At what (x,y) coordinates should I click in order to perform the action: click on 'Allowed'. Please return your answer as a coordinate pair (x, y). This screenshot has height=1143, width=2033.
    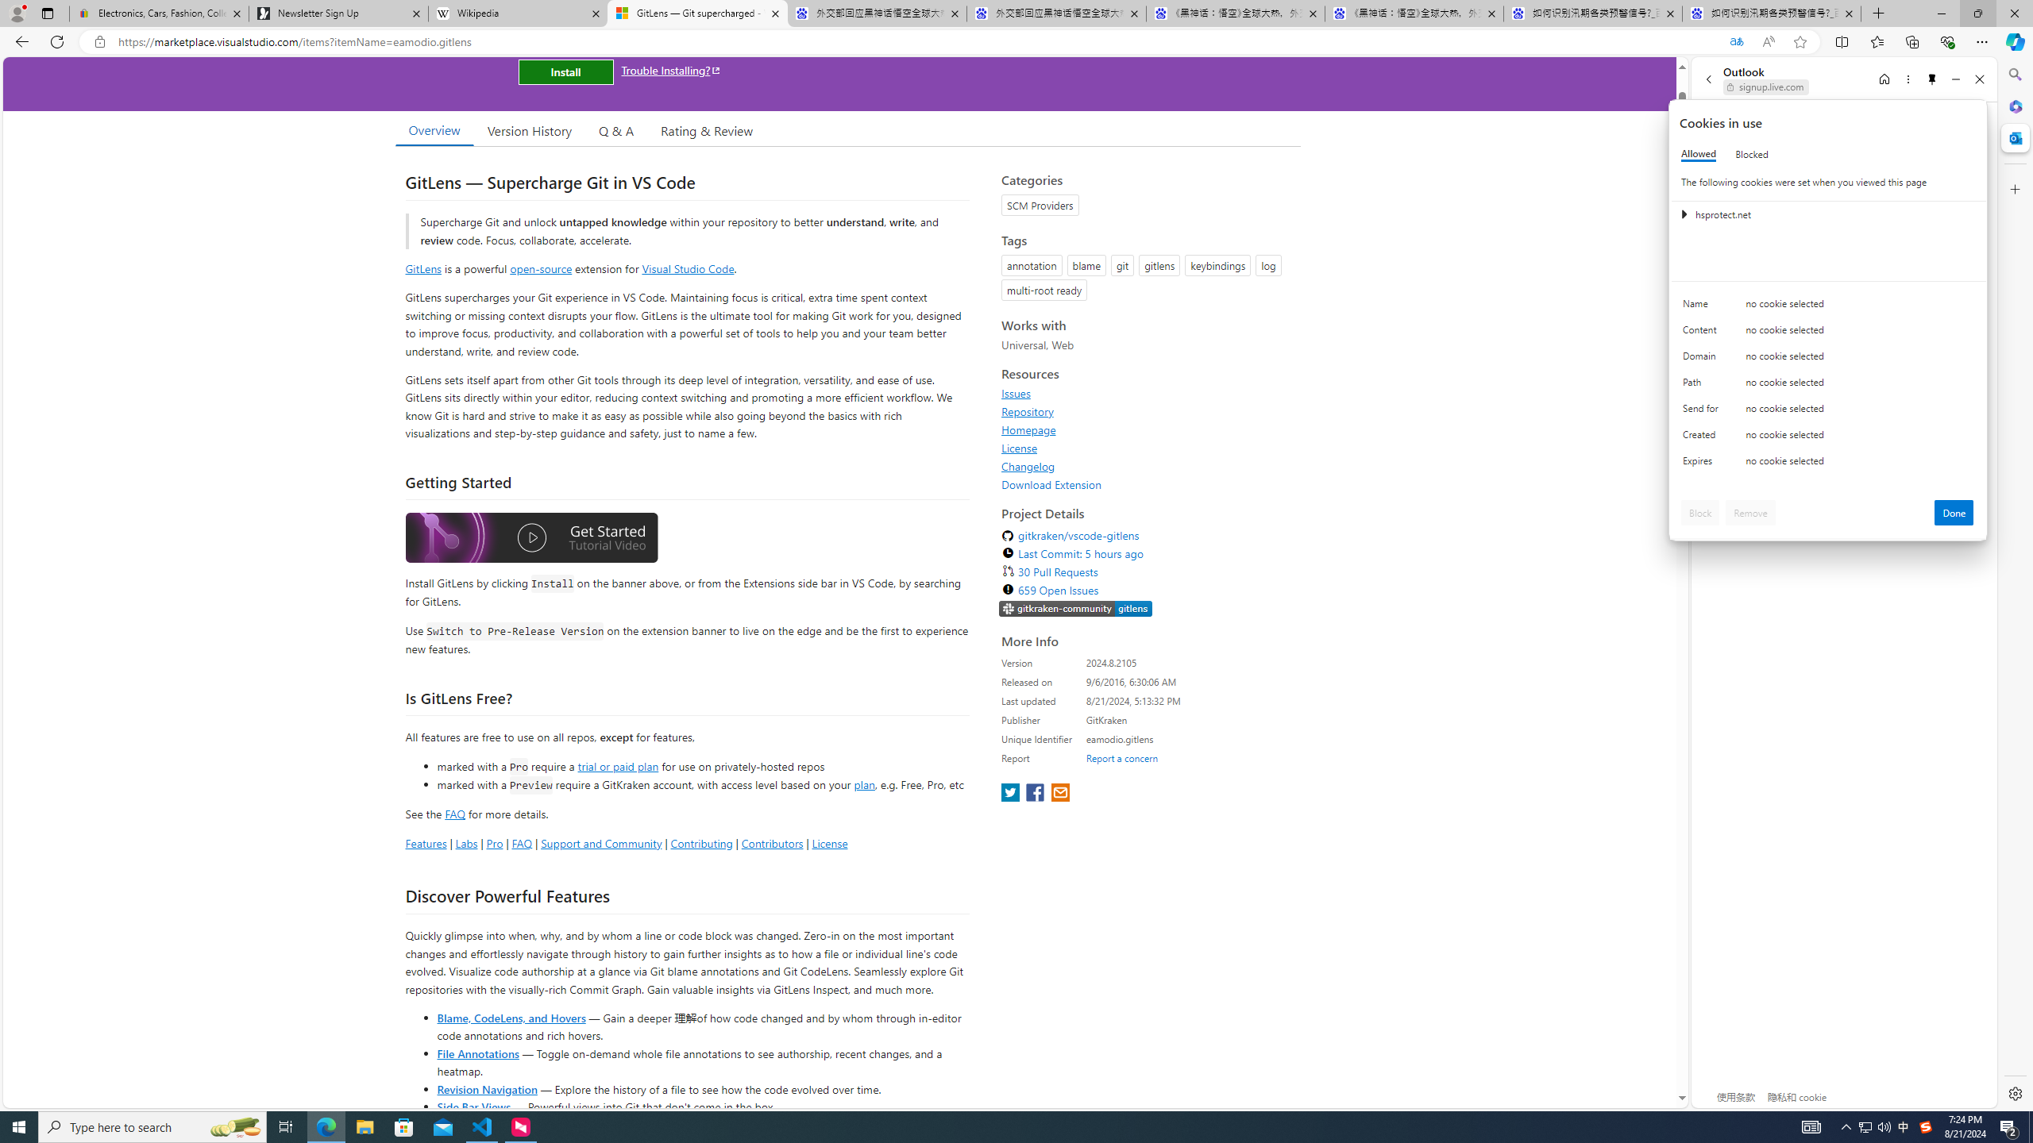
    Looking at the image, I should click on (1697, 154).